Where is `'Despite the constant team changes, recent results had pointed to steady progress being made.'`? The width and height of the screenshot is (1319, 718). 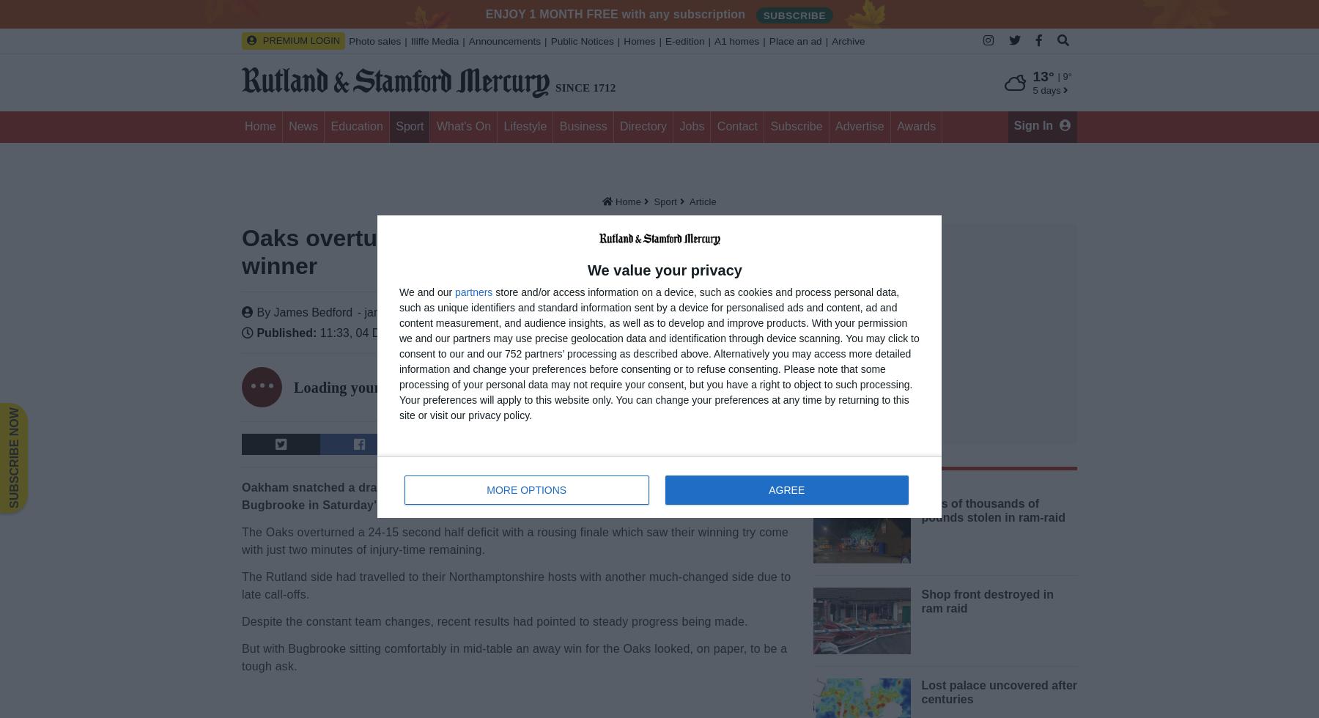
'Despite the constant team changes, recent results had pointed to steady progress being made.' is located at coordinates (495, 621).